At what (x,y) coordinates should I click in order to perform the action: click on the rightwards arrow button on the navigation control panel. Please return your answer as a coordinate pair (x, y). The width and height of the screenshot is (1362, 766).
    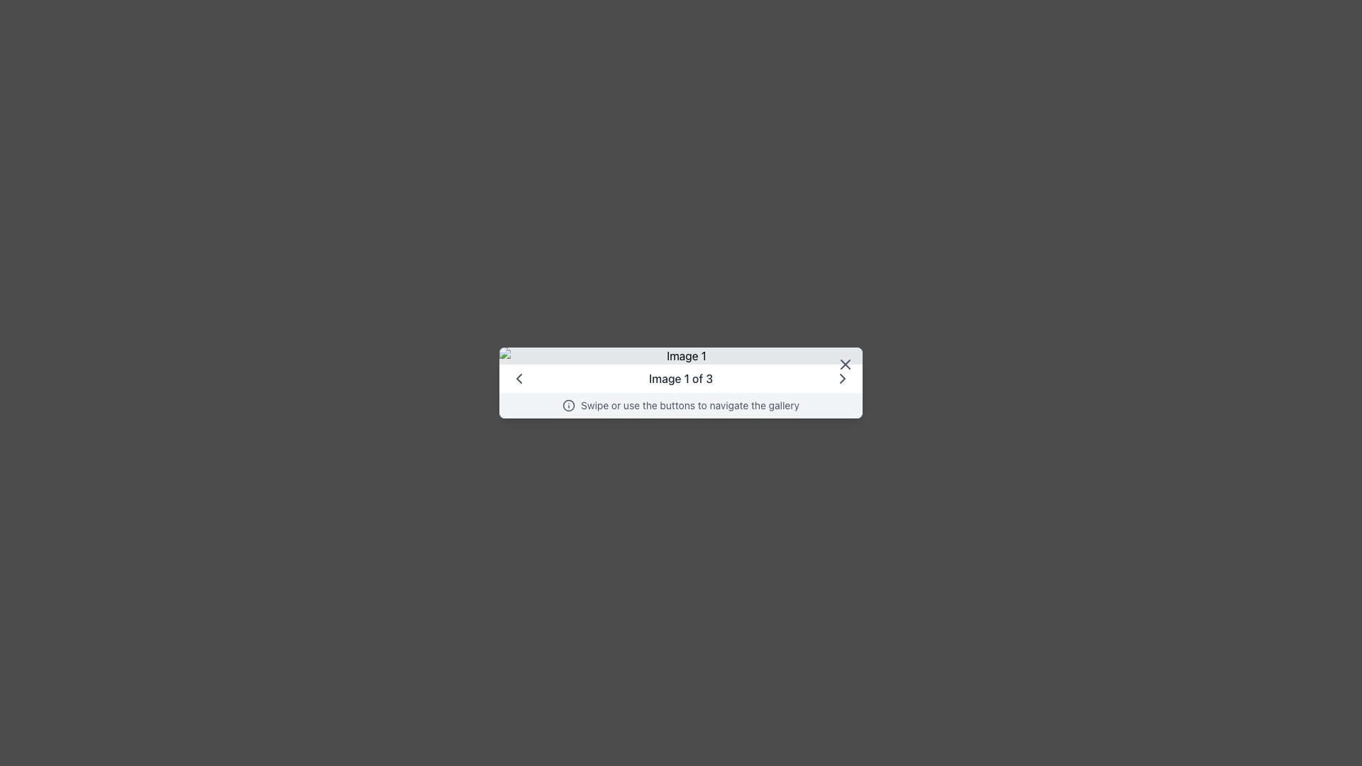
    Looking at the image, I should click on (843, 377).